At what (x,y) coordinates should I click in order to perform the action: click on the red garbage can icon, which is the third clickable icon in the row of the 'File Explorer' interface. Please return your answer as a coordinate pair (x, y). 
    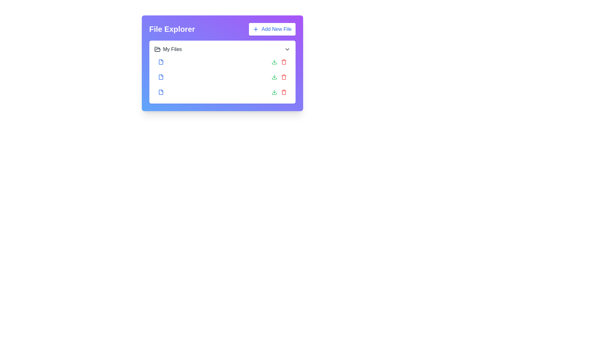
    Looking at the image, I should click on (283, 92).